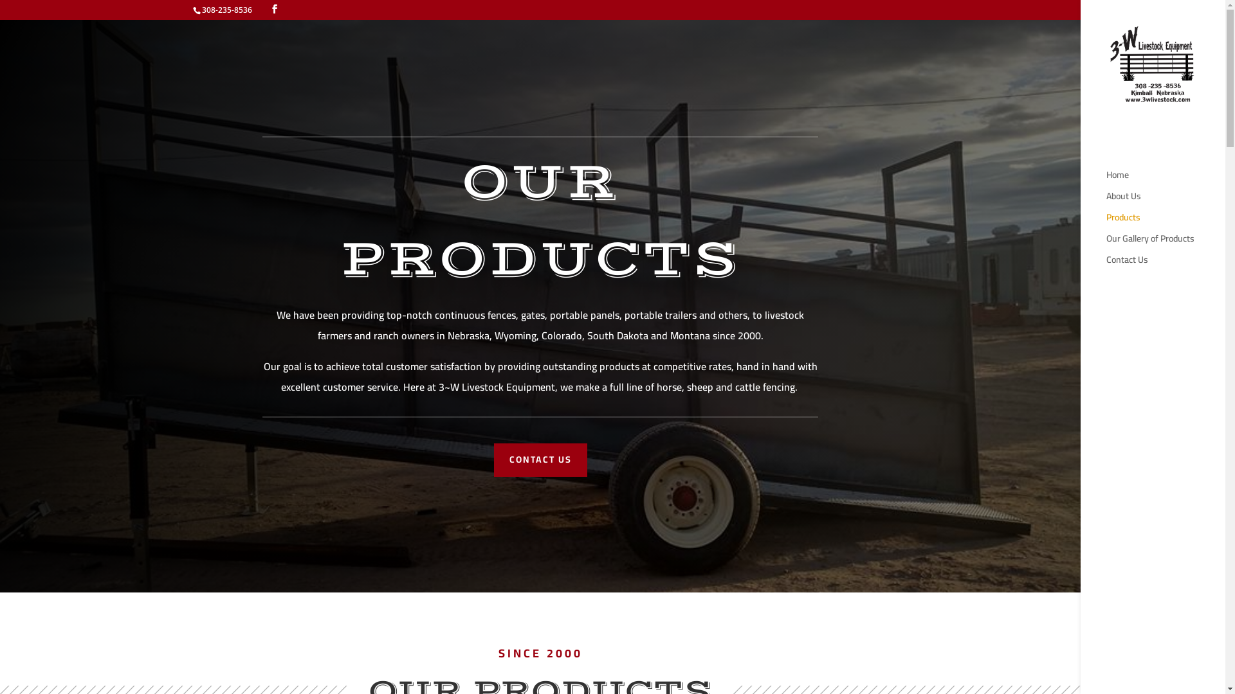 This screenshot has height=694, width=1235. What do you see at coordinates (540, 459) in the screenshot?
I see `'CONTACT US'` at bounding box center [540, 459].